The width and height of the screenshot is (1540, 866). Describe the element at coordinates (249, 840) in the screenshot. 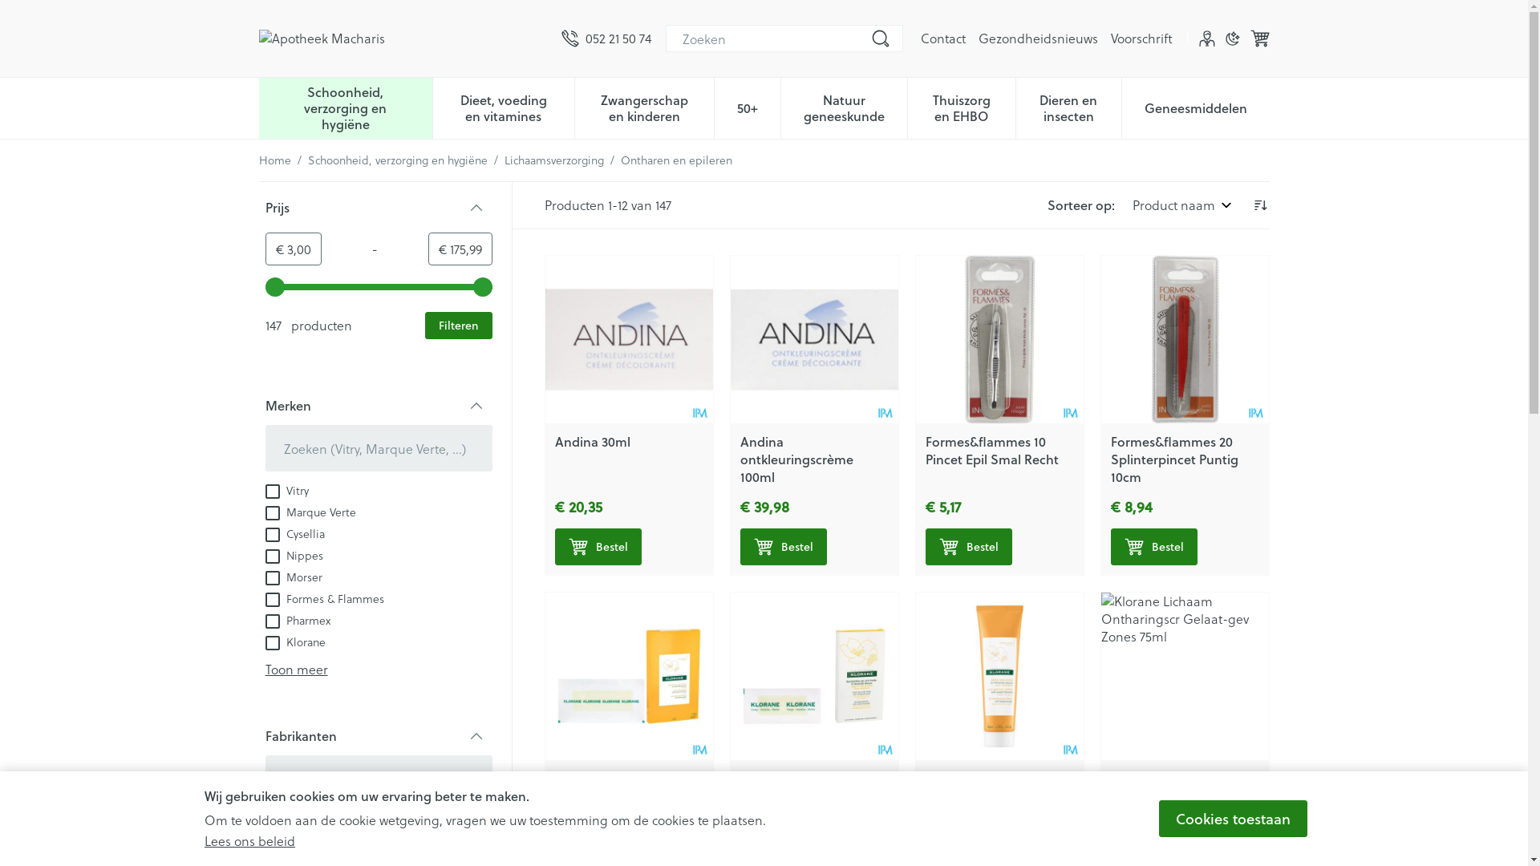

I see `'Lees ons beleid'` at that location.